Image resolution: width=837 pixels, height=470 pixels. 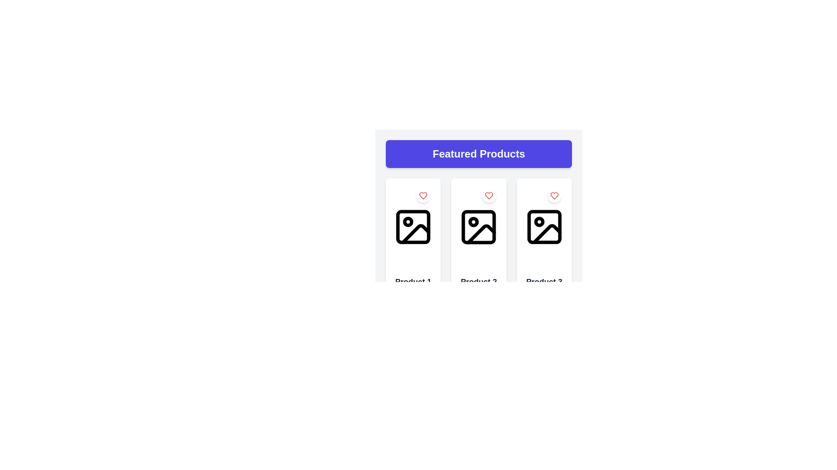 What do you see at coordinates (413, 226) in the screenshot?
I see `the framed image icon located in the first product card under the 'Featured Products' header` at bounding box center [413, 226].